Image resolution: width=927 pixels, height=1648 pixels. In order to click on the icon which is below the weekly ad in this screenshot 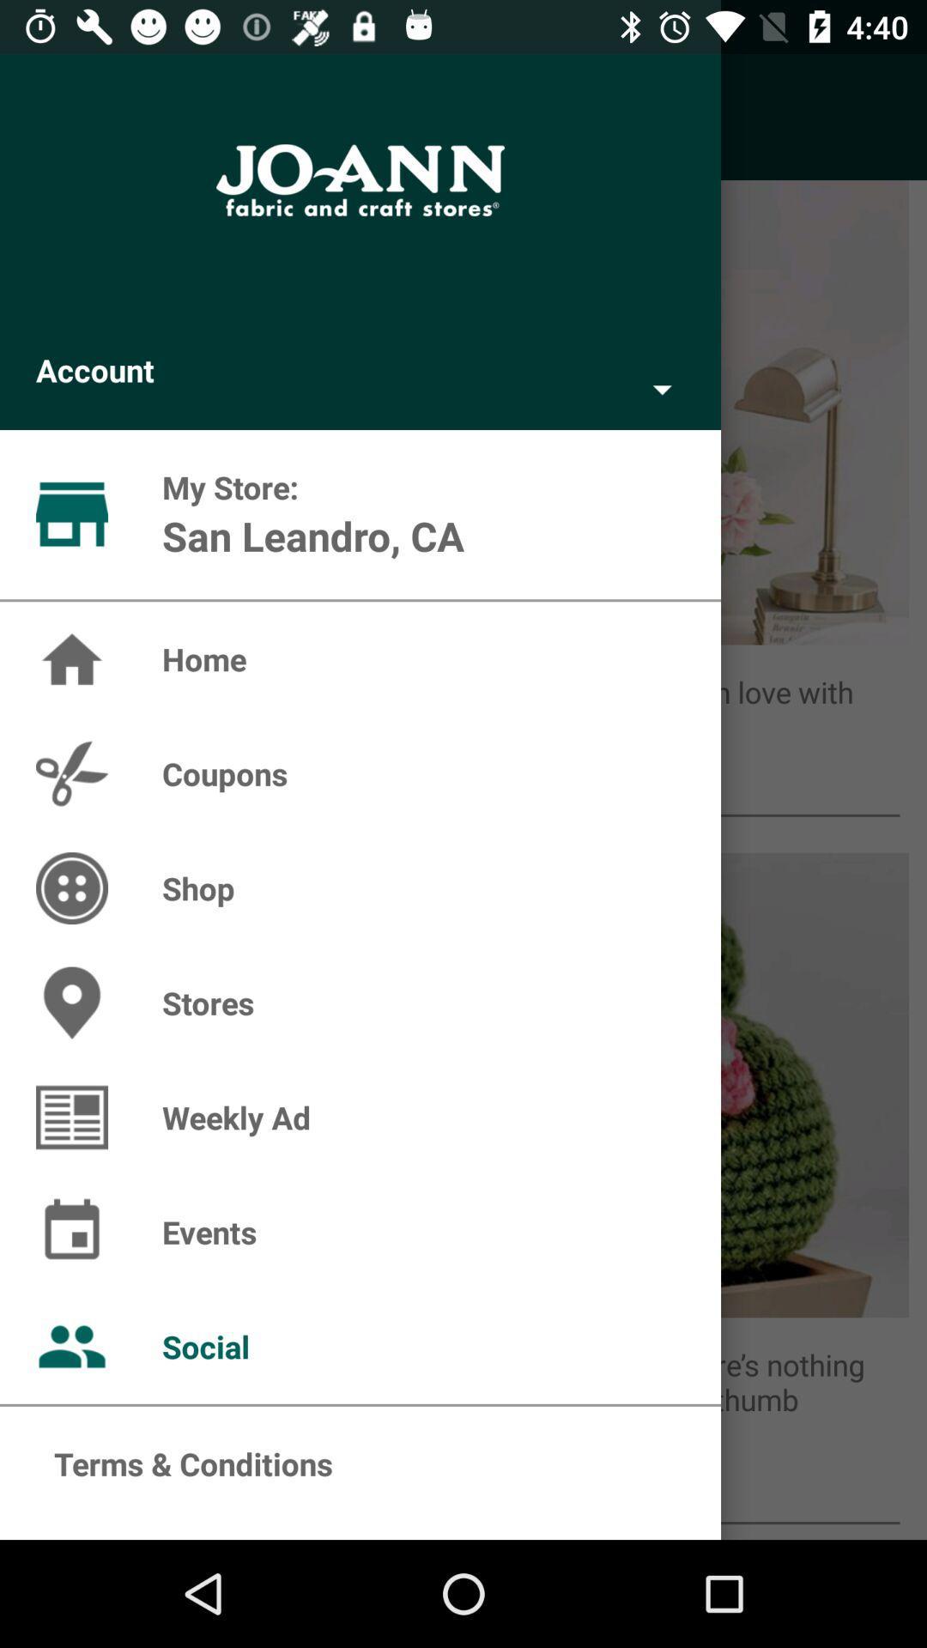, I will do `click(71, 1117)`.